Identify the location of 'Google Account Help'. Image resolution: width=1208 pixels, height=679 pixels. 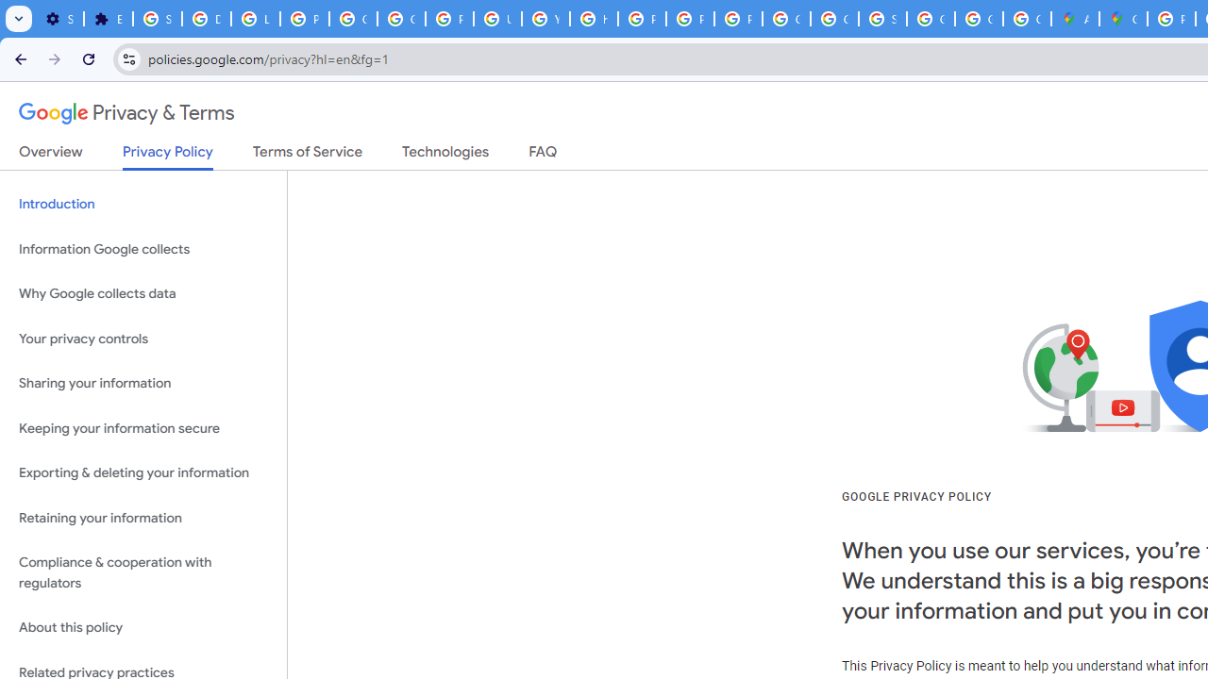
(354, 19).